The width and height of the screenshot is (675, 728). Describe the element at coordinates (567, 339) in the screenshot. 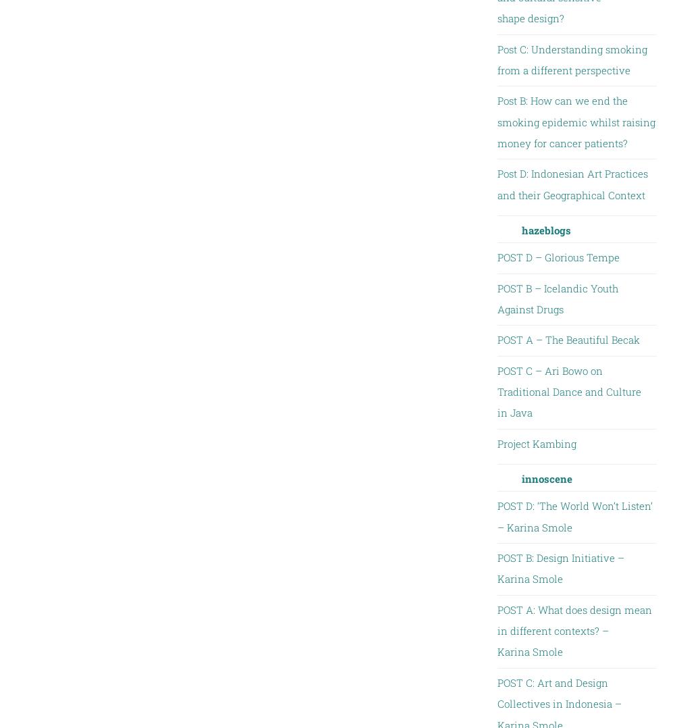

I see `'POST A – The Beautiful Becak'` at that location.